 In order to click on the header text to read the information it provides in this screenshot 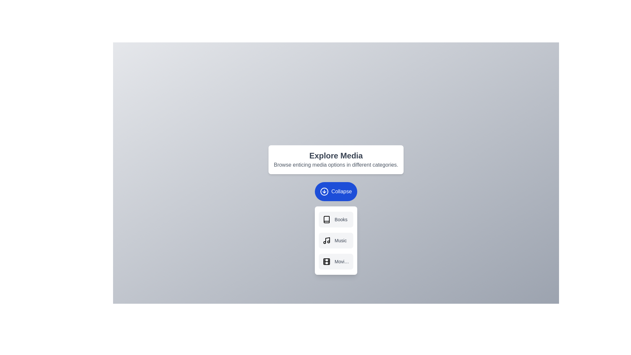, I will do `click(336, 155)`.